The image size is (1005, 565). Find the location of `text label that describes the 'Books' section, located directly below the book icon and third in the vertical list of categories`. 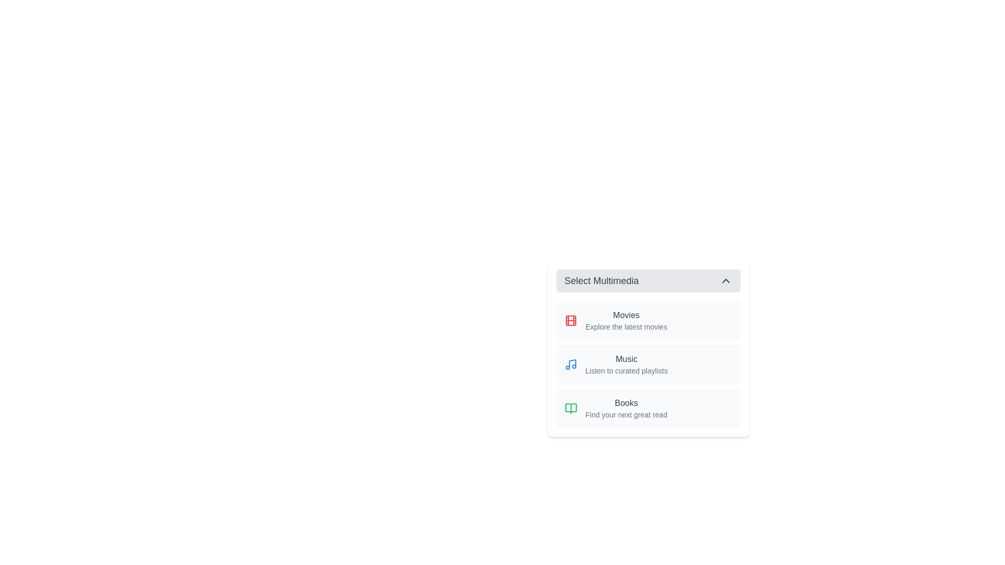

text label that describes the 'Books' section, located directly below the book icon and third in the vertical list of categories is located at coordinates (626, 408).